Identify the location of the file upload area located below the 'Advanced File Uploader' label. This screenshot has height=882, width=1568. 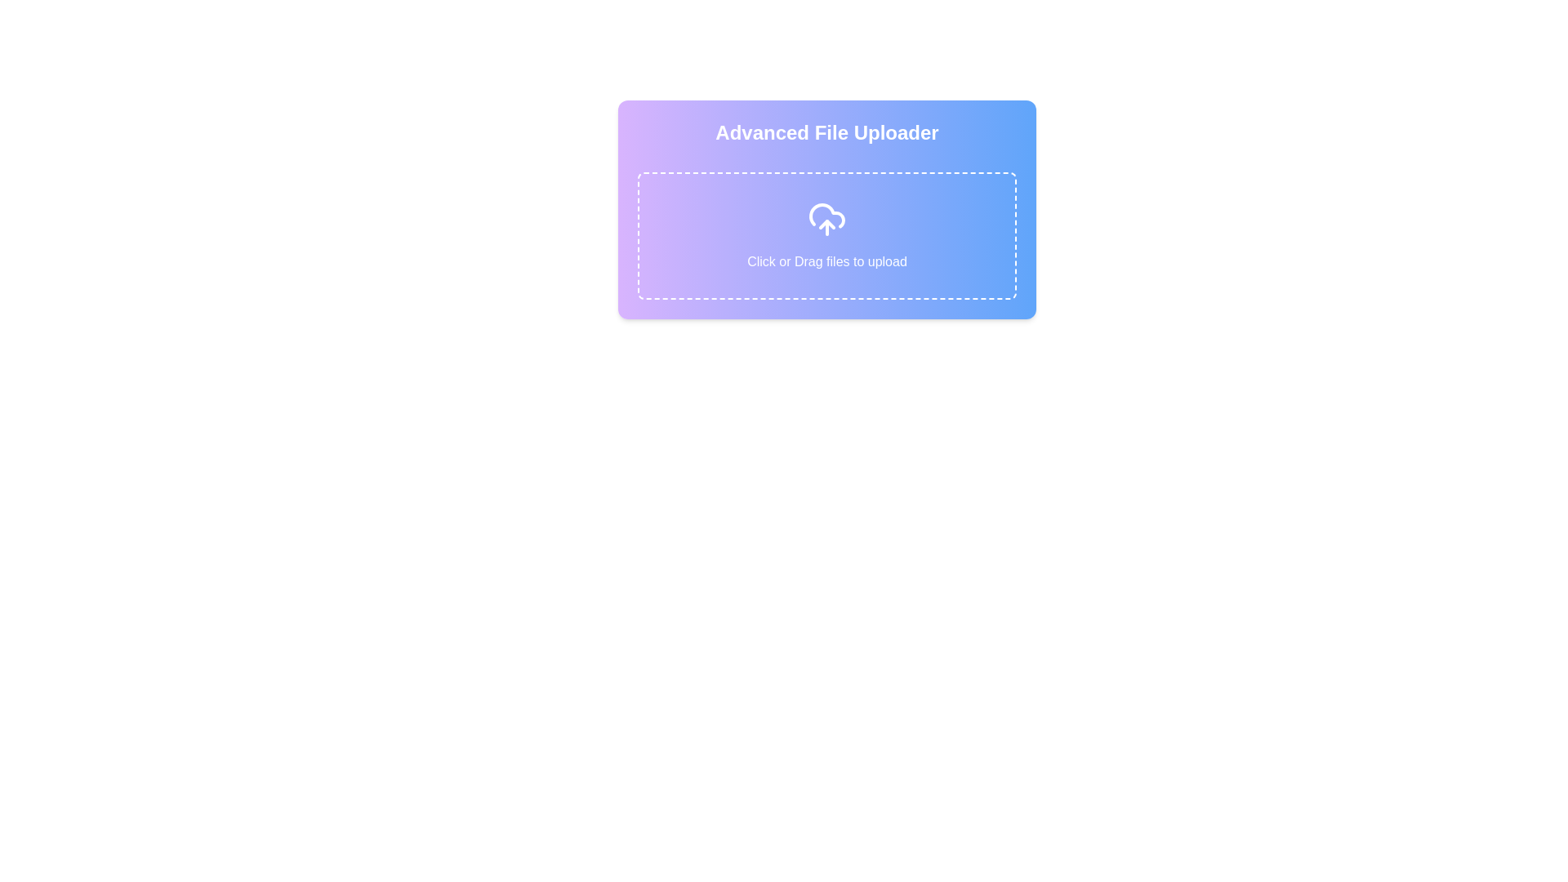
(826, 236).